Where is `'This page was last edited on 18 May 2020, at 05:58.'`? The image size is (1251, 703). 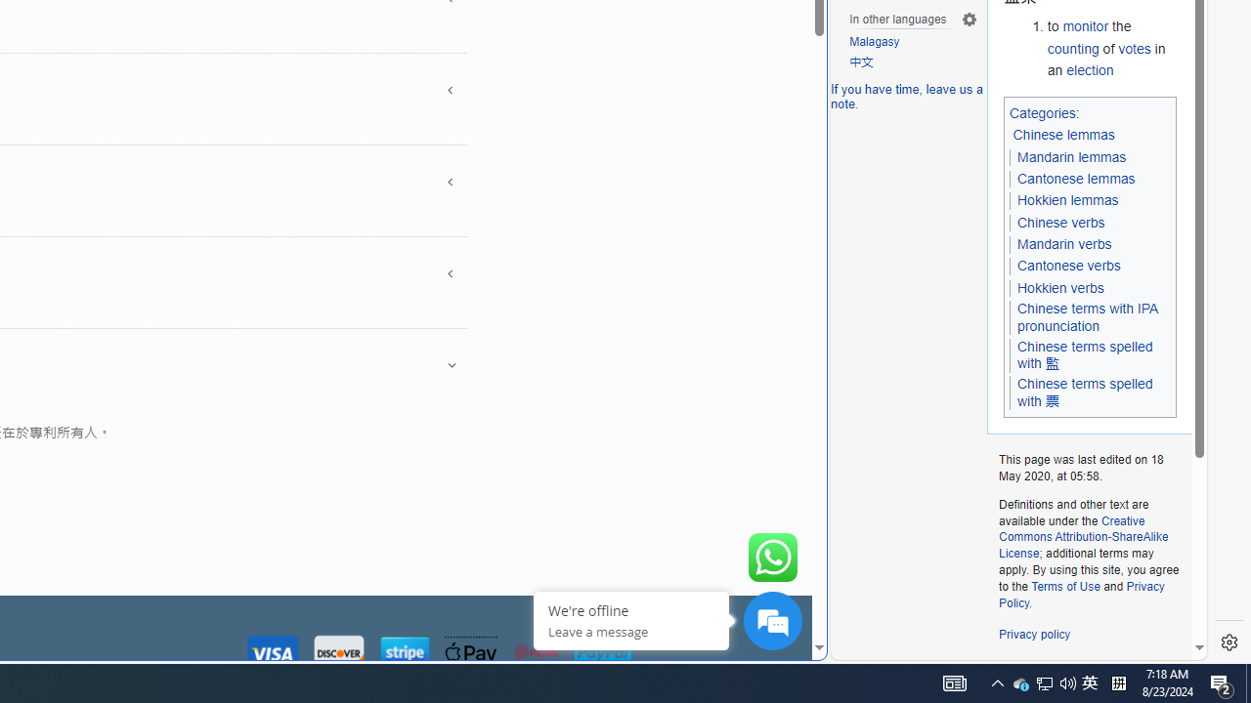 'This page was last edited on 18 May 2020, at 05:58.' is located at coordinates (1088, 469).